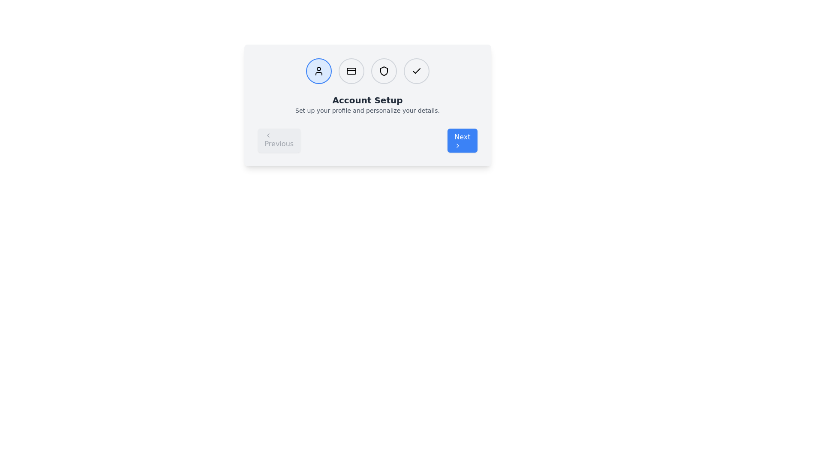 The height and width of the screenshot is (463, 823). Describe the element at coordinates (318, 70) in the screenshot. I see `the first icon from the left in the setup interface panel` at that location.